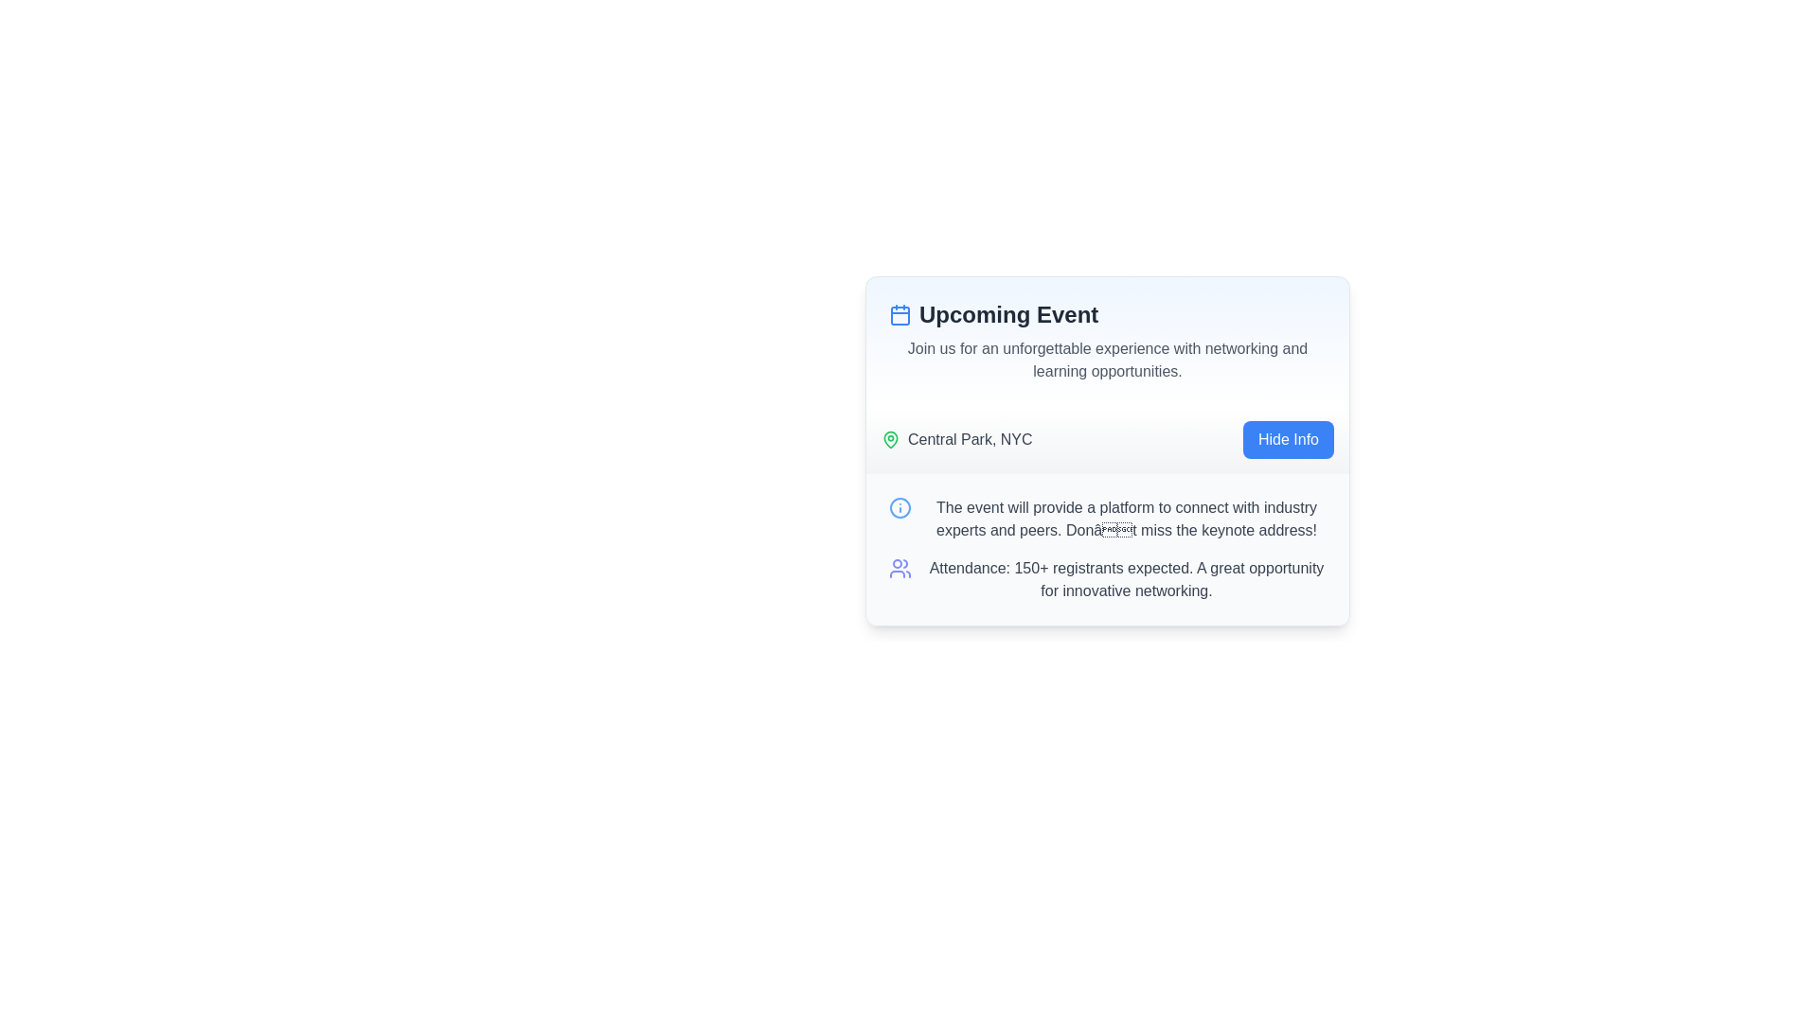 The image size is (1818, 1022). What do you see at coordinates (1288, 440) in the screenshot?
I see `the rectangular button with rounded corners and blue background labeled 'Hide Info'` at bounding box center [1288, 440].